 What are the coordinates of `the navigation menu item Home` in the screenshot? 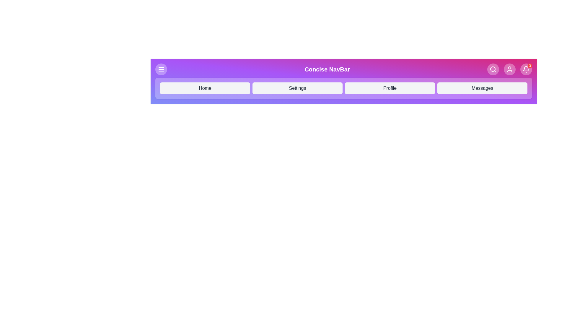 It's located at (205, 88).